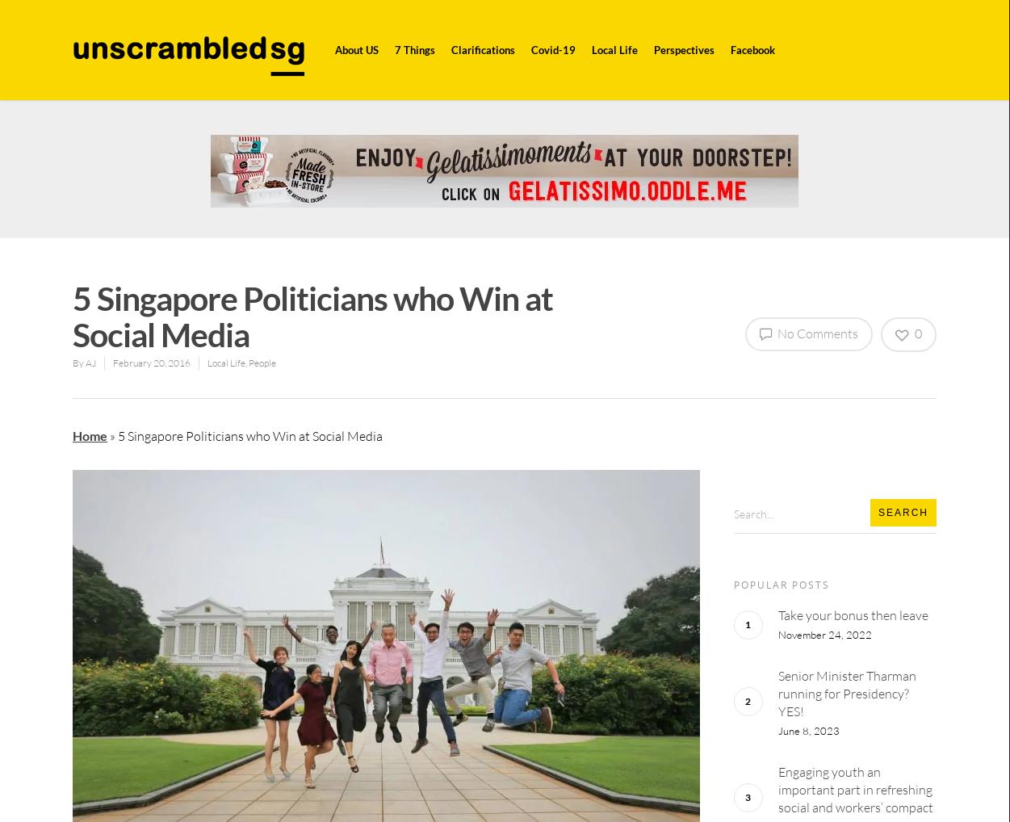 Image resolution: width=1010 pixels, height=822 pixels. Describe the element at coordinates (824, 634) in the screenshot. I see `'November 24, 2022'` at that location.